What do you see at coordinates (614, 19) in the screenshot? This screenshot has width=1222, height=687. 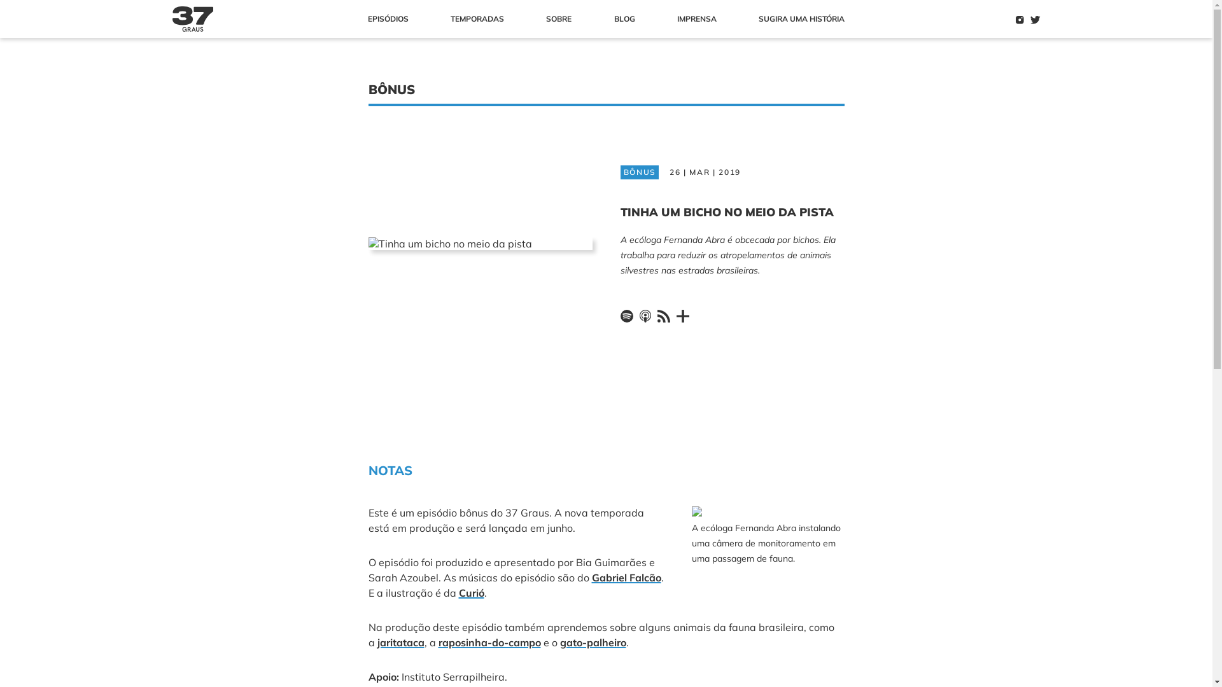 I see `'BLOG'` at bounding box center [614, 19].